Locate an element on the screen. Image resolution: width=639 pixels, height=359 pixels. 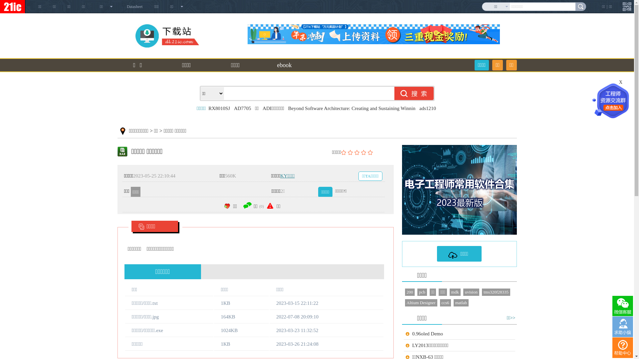
'ccs6' is located at coordinates (445, 302).